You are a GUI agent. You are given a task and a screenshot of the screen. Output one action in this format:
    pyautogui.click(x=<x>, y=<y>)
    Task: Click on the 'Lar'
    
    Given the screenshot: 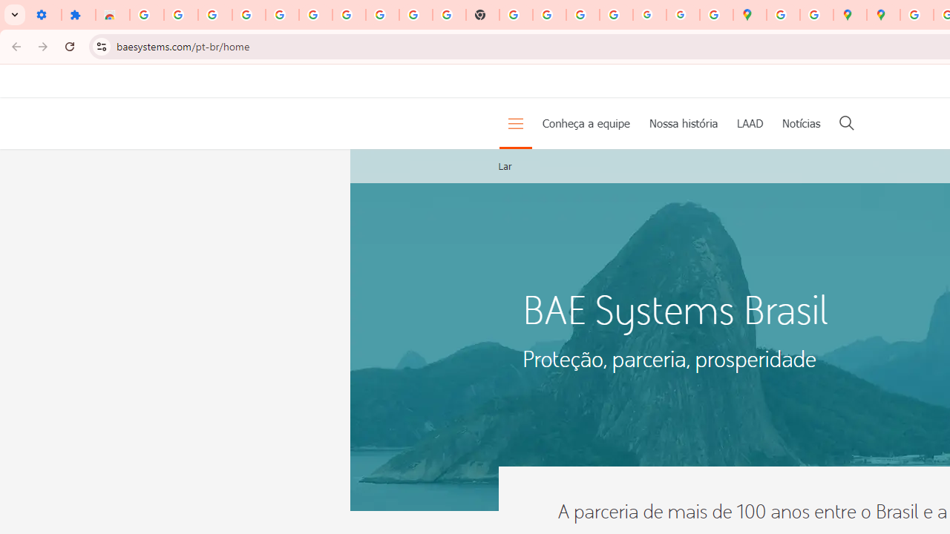 What is the action you would take?
    pyautogui.click(x=505, y=165)
    